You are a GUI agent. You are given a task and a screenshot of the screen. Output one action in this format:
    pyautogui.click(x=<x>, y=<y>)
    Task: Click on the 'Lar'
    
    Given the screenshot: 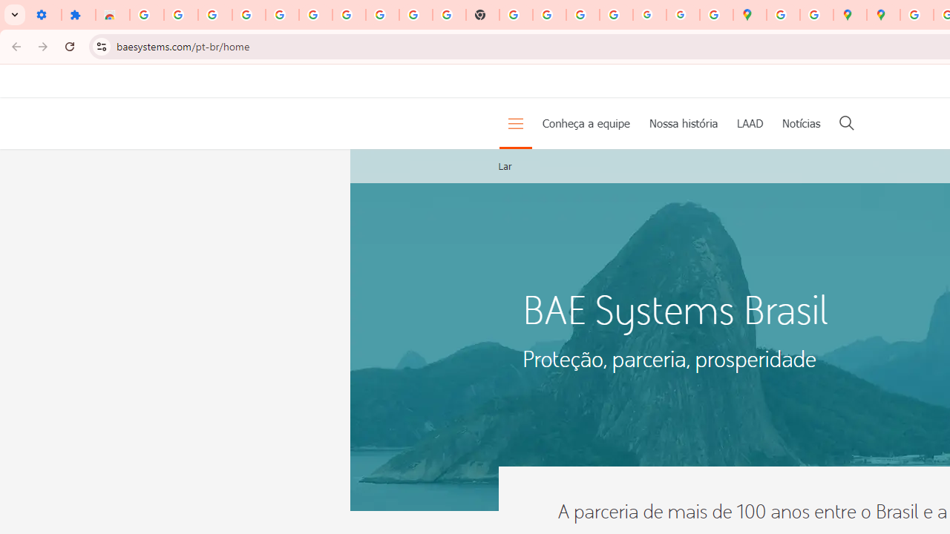 What is the action you would take?
    pyautogui.click(x=505, y=165)
    